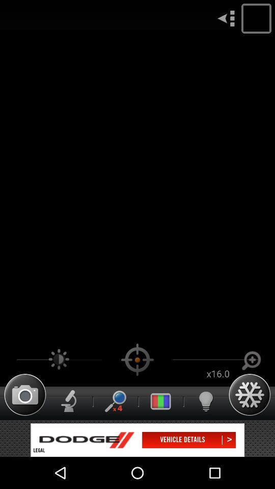 Image resolution: width=275 pixels, height=489 pixels. I want to click on the microphone icon, so click(206, 429).